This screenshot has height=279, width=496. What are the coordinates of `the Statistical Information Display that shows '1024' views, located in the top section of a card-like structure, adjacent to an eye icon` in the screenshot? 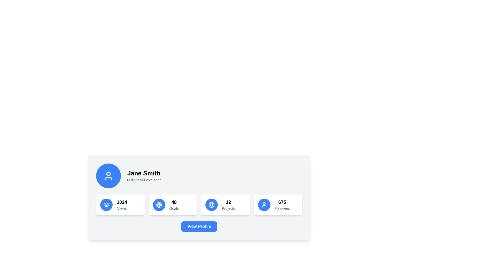 It's located at (121, 205).